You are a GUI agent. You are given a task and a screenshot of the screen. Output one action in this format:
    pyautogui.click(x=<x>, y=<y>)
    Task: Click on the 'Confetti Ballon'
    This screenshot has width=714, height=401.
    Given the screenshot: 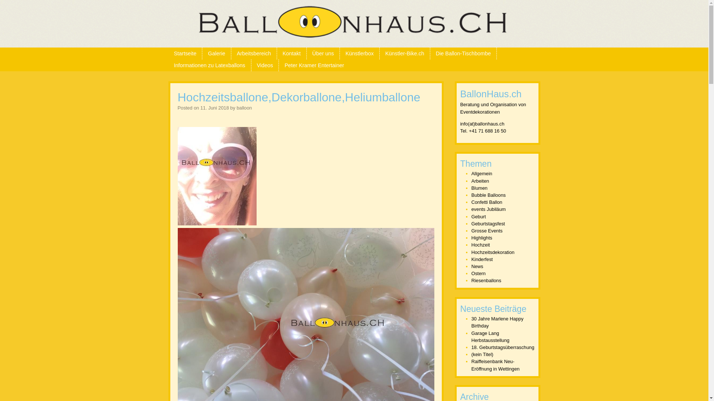 What is the action you would take?
    pyautogui.click(x=487, y=202)
    